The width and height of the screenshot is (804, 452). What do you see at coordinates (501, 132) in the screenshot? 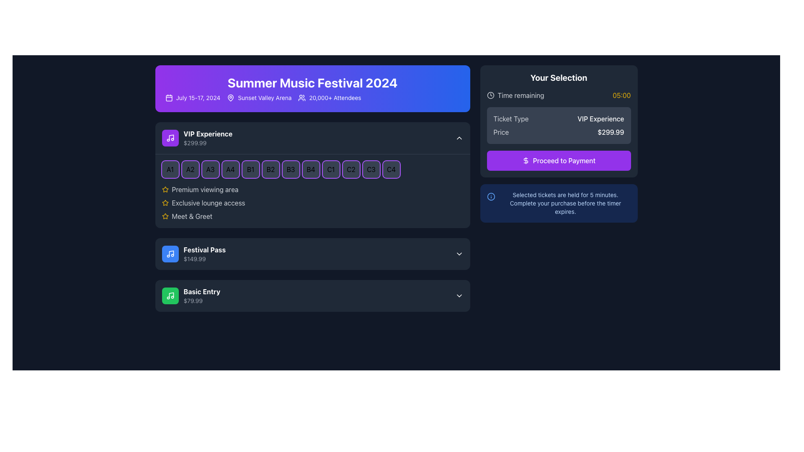
I see `the static text label indicating the price of the selected ticket type, which is located on the left side of the '$299.99' text in the 'Your Selection' panel` at bounding box center [501, 132].